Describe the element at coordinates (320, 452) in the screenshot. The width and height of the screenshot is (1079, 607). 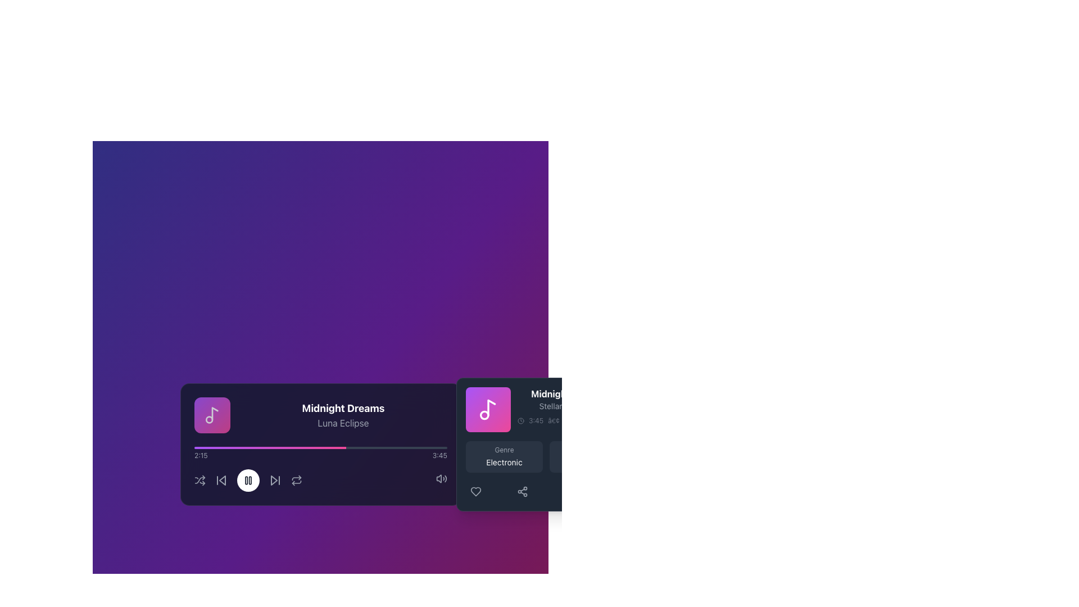
I see `the progress bar located centrally in the music player interface to set the playback position` at that location.